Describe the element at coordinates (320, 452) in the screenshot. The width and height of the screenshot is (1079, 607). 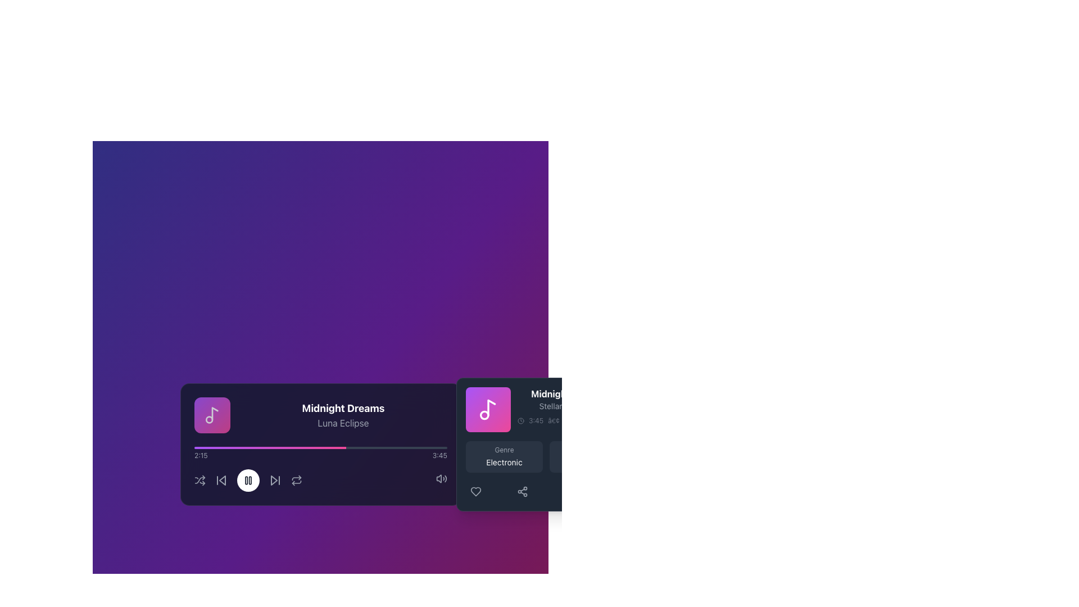
I see `the progress bar located centrally in the music player interface to set the playback position` at that location.